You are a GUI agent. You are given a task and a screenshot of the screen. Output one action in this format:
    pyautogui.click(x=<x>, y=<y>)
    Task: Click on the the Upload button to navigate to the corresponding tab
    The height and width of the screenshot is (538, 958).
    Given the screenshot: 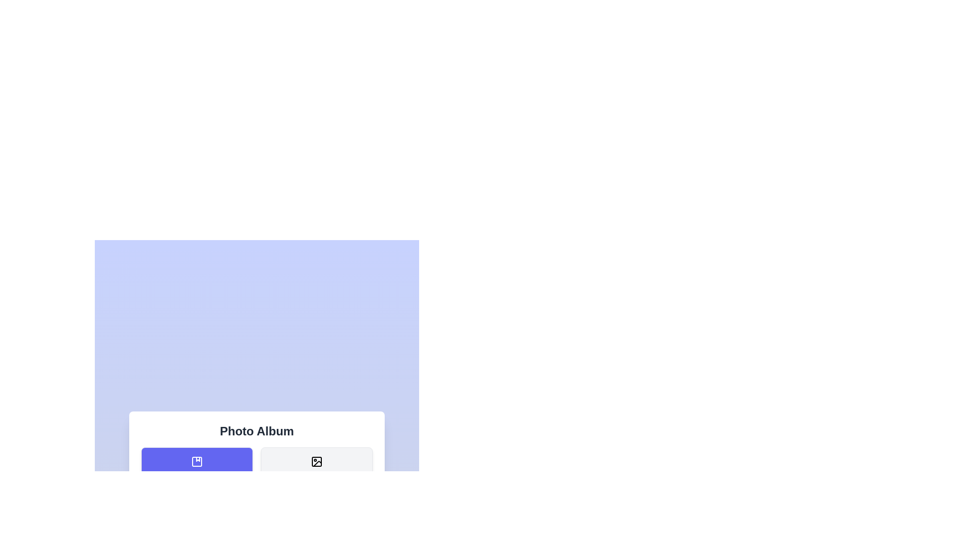 What is the action you would take?
    pyautogui.click(x=197, y=519)
    